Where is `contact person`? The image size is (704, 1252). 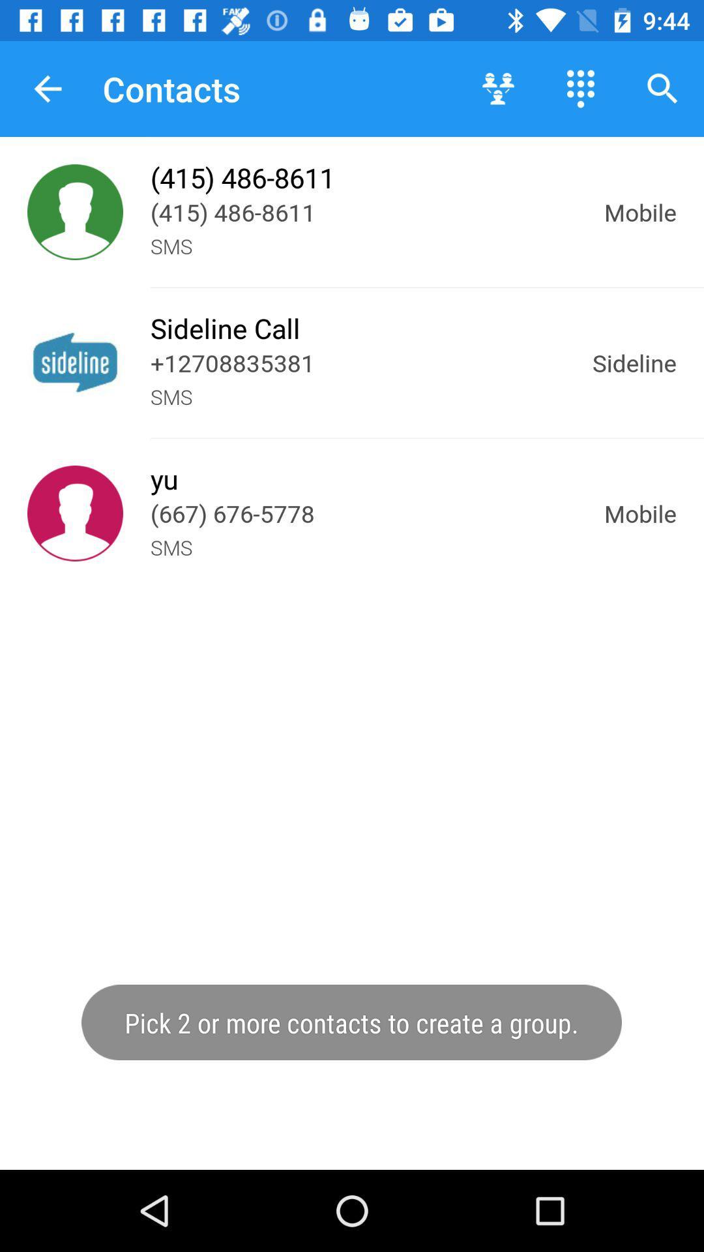
contact person is located at coordinates (75, 212).